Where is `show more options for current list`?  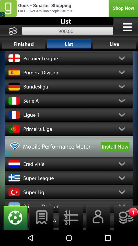 show more options for current list is located at coordinates (127, 27).